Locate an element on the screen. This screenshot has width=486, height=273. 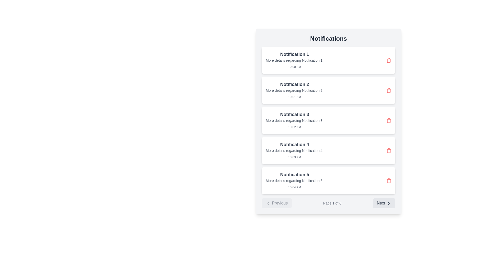
the Delete button (trash icon) located at the far-right end of the first notification card under the 'Notifications' heading is located at coordinates (389, 60).